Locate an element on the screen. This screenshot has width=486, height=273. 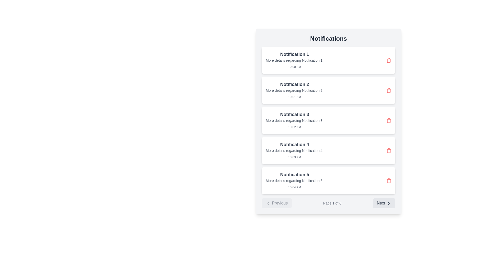
the Delete button (trash icon) located at the far-right end of the first notification card under the 'Notifications' heading is located at coordinates (389, 60).